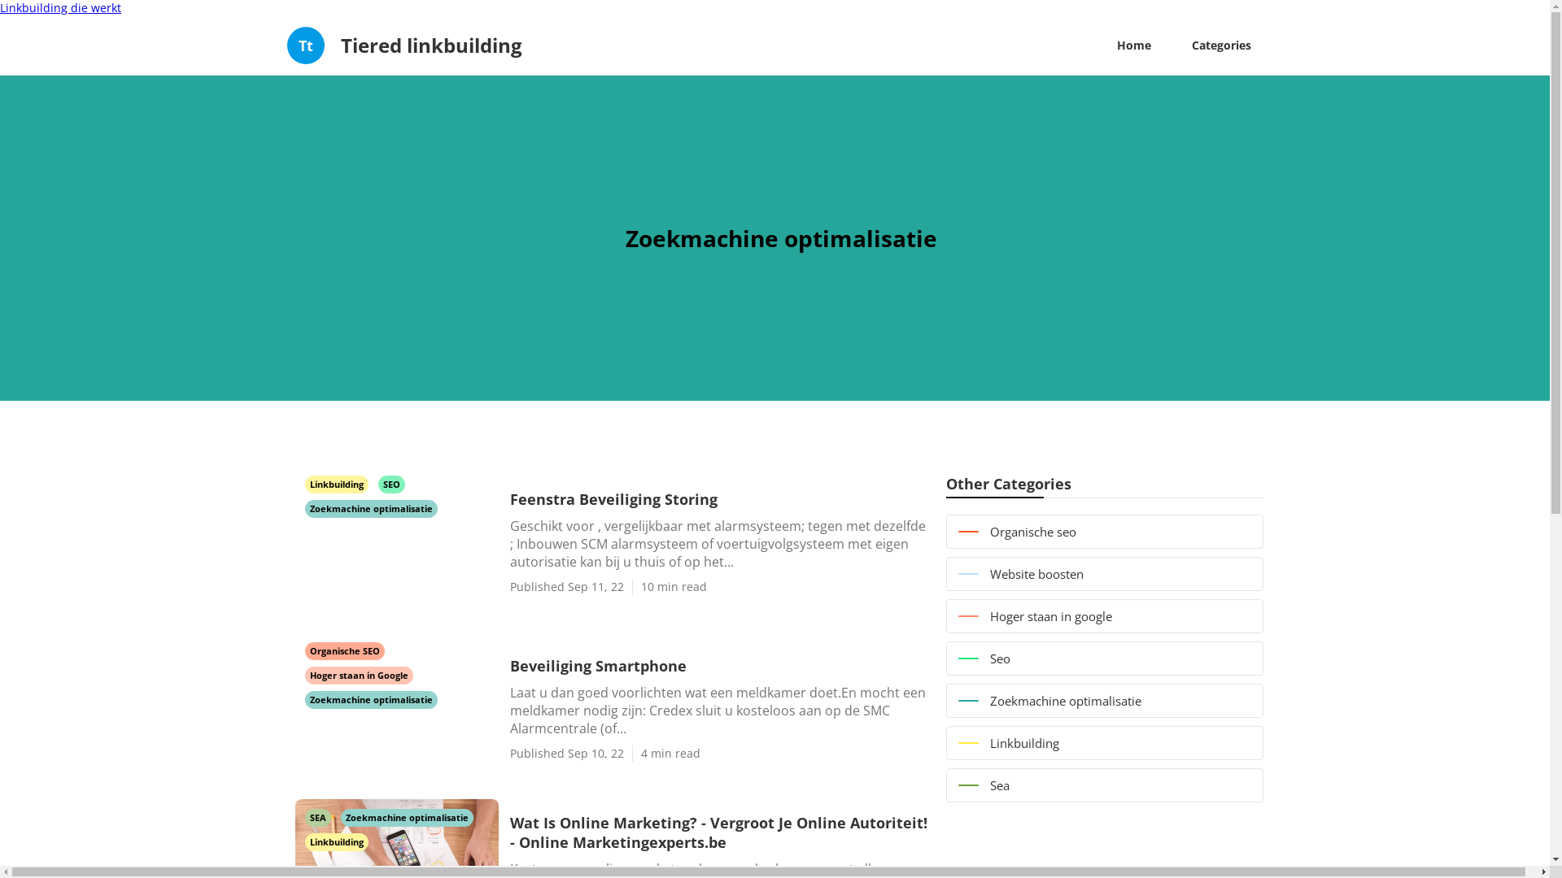  What do you see at coordinates (304, 816) in the screenshot?
I see `'SEA'` at bounding box center [304, 816].